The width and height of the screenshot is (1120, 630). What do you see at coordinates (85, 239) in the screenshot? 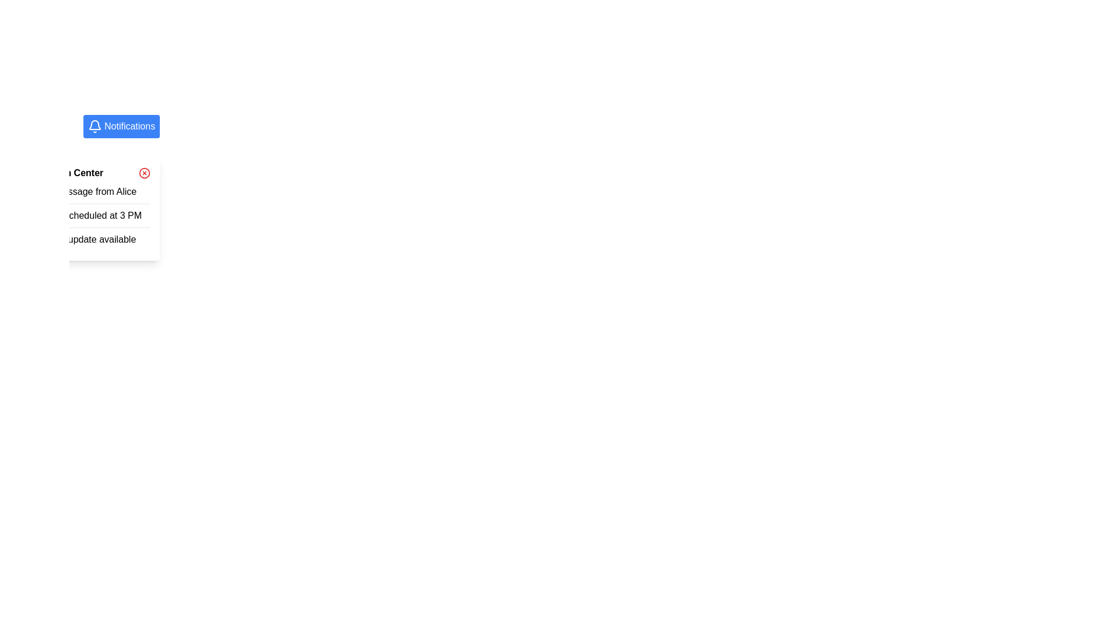
I see `the text label that states 'System update available', which is the last item in a vertical list of notifications within the dropdown` at bounding box center [85, 239].